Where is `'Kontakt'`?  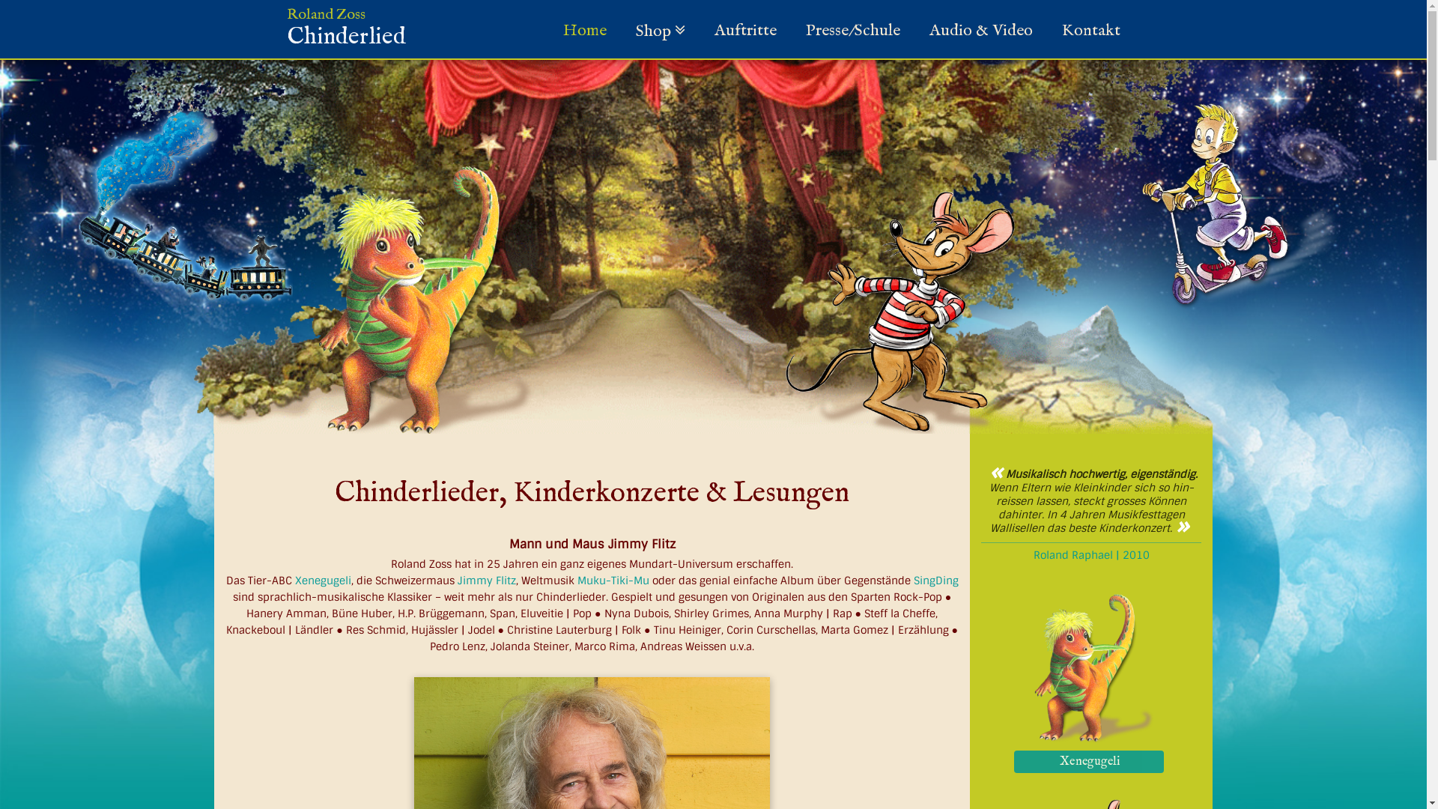 'Kontakt' is located at coordinates (1052, 31).